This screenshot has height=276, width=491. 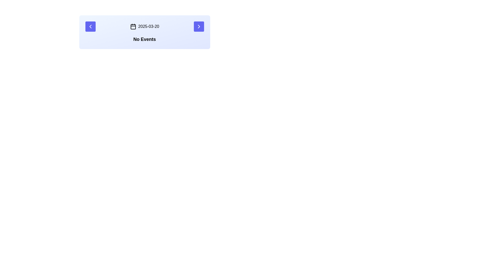 I want to click on the Chevron icon located inside a light-blue circular button on the far-right of the horizontal panel, so click(x=198, y=27).